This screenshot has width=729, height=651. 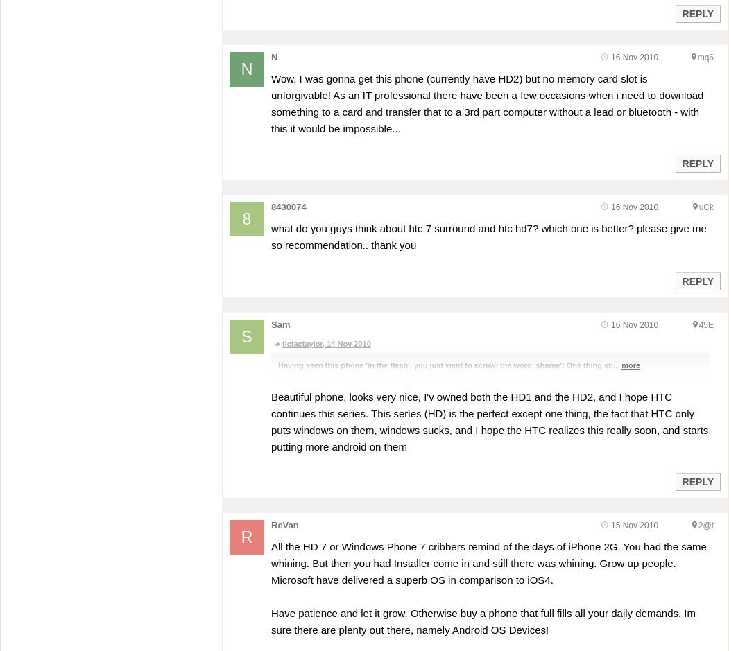 I want to click on '2@t', so click(x=705, y=525).